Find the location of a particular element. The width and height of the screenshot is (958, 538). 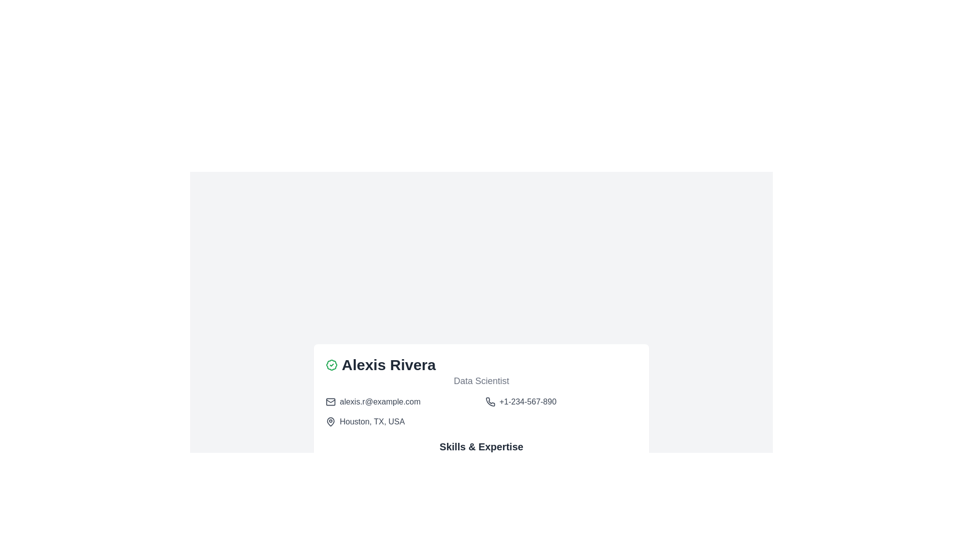

the location pin icon in the bottom-left region of the visible card interface that indicates a geographical address related to 'Houston, TX, USA' is located at coordinates (330, 421).